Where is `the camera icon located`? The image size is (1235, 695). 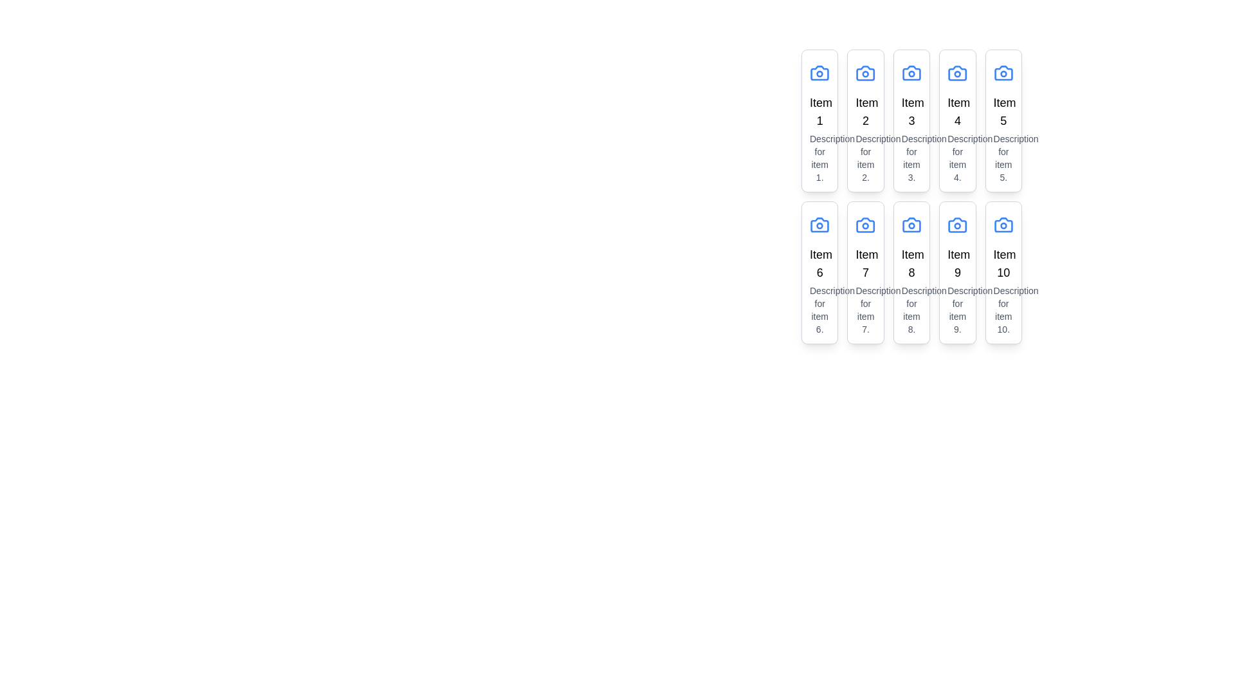 the camera icon located is located at coordinates (957, 225).